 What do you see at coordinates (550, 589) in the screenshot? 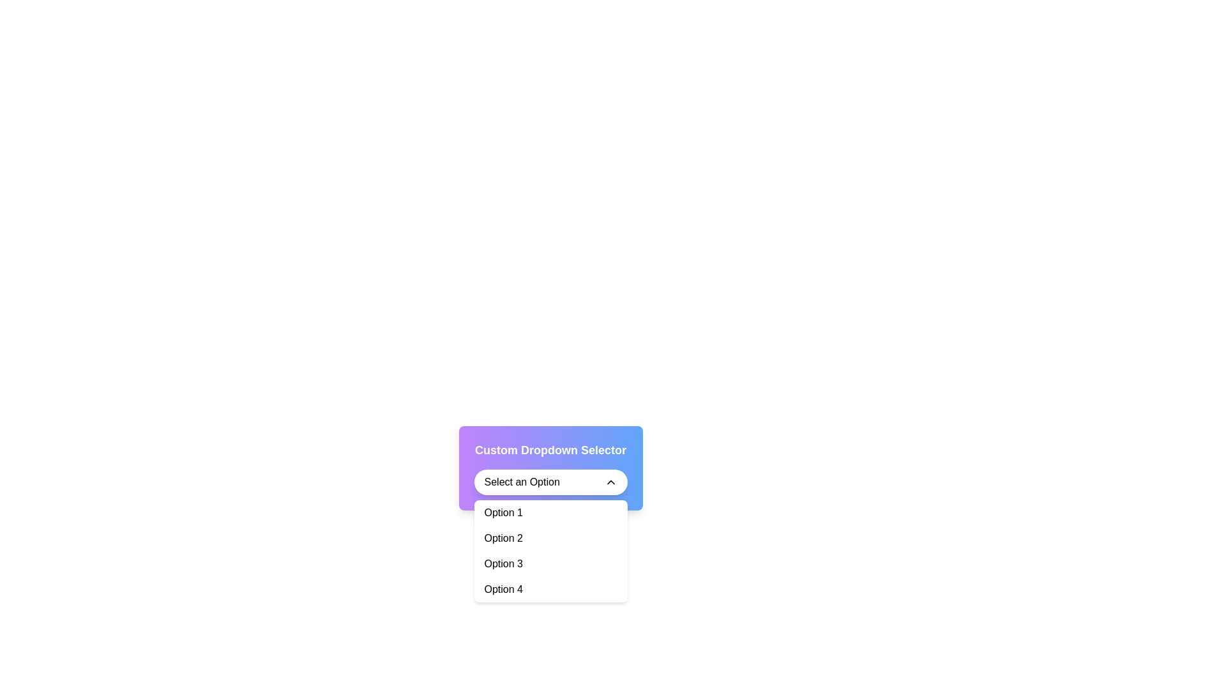
I see `the fourth menu item in the dropdown list` at bounding box center [550, 589].